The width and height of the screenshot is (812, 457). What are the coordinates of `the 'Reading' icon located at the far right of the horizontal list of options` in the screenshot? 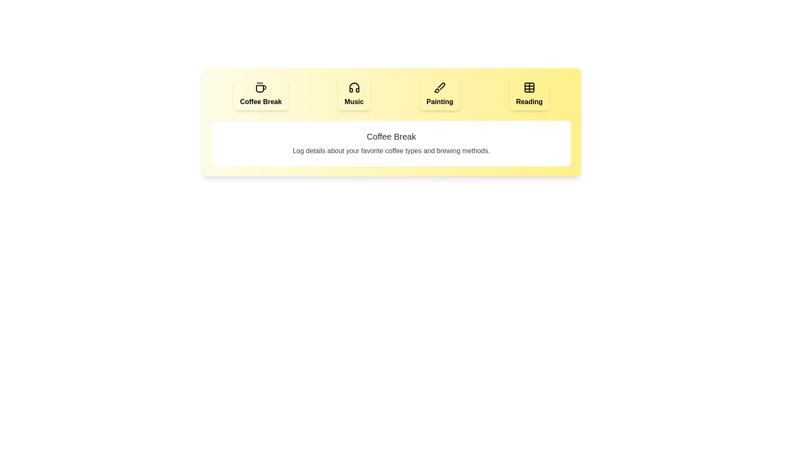 It's located at (529, 88).